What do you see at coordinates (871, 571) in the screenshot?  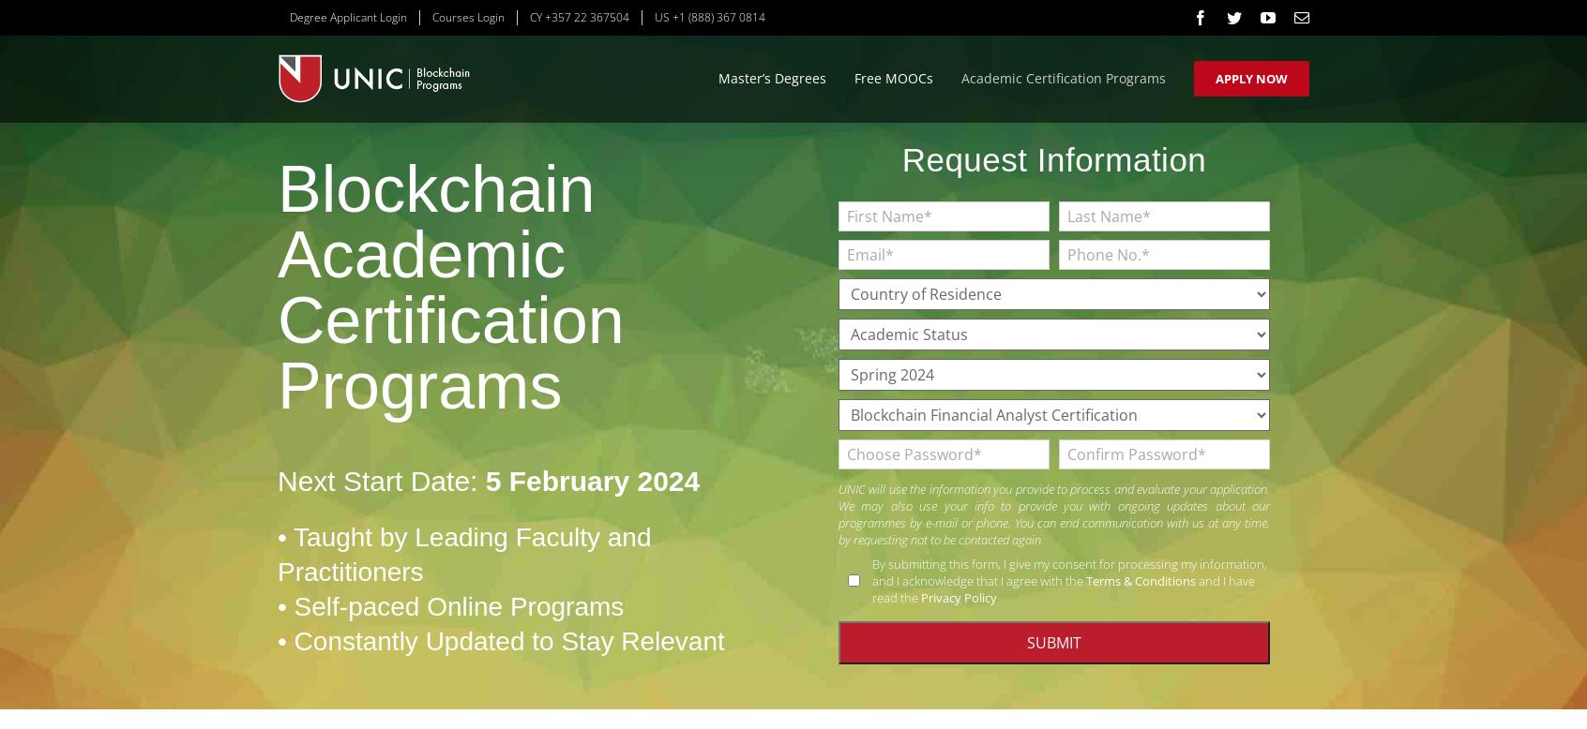 I see `'By submitting this form, I give my consent for processing my information, and I acknowledge that I agree with the'` at bounding box center [871, 571].